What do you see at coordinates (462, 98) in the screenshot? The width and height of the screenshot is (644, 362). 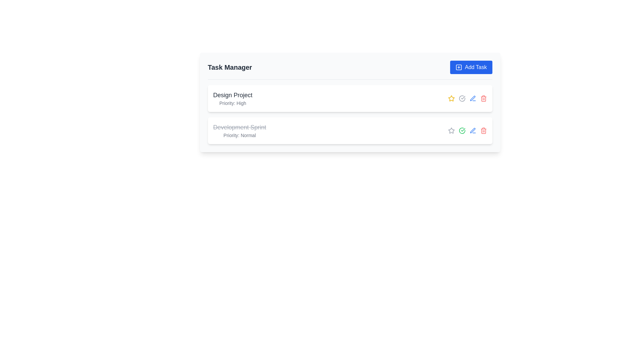 I see `the gray circular icon button, which is the second icon in a horizontal row under the 'Design Project' task` at bounding box center [462, 98].